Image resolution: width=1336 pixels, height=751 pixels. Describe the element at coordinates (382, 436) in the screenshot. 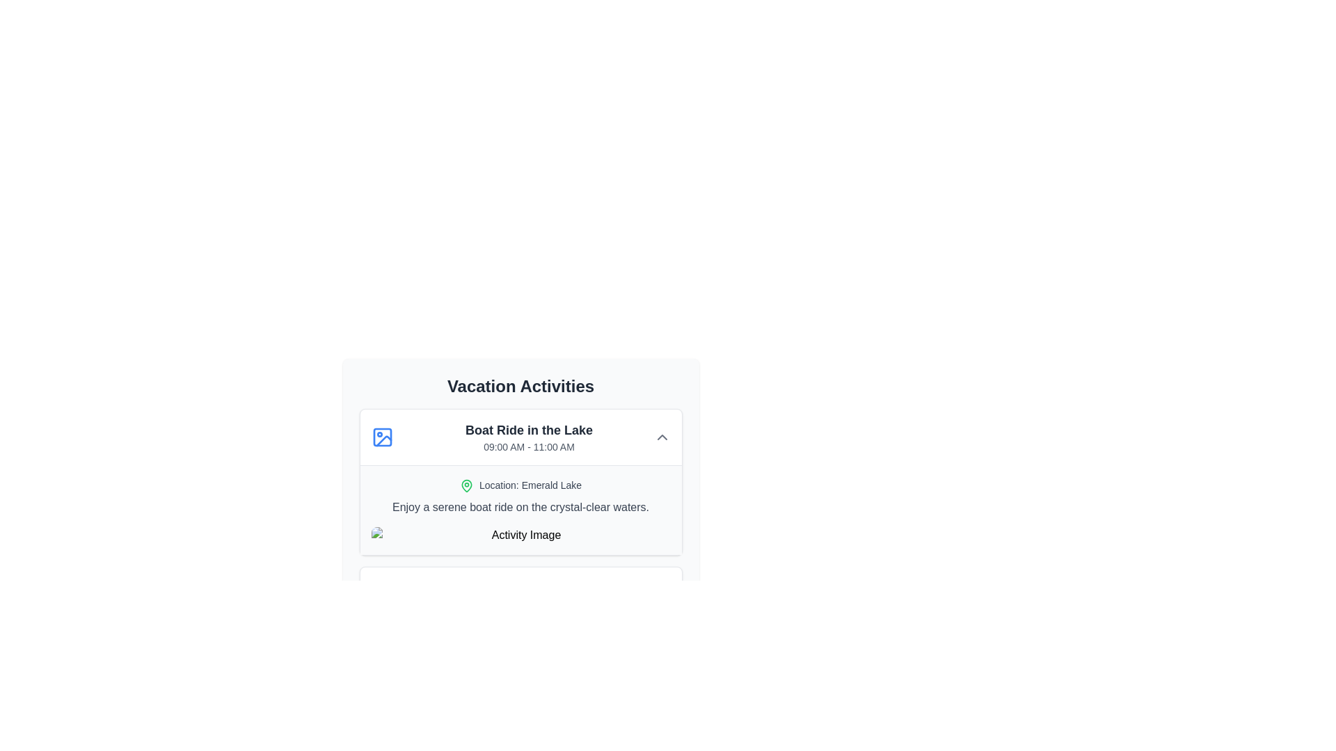

I see `the icon located on the left side of the 'Boat Ride in the Lake' activity card, which serves as a visual cue or identifier for the activity` at that location.